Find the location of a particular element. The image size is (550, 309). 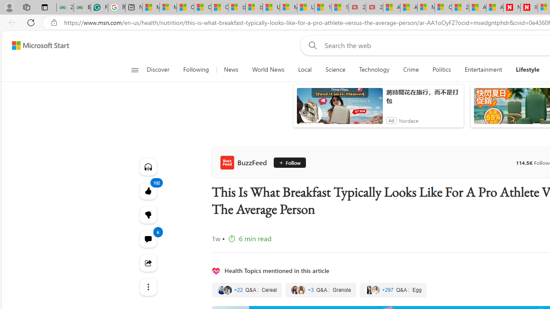

'Cloud Computing Services | Microsoft Azure' is located at coordinates (443, 7).